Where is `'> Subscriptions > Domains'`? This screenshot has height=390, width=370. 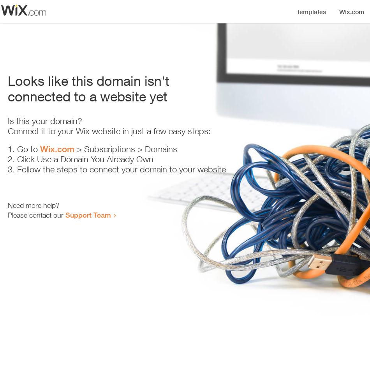
'> Subscriptions > Domains' is located at coordinates (74, 149).